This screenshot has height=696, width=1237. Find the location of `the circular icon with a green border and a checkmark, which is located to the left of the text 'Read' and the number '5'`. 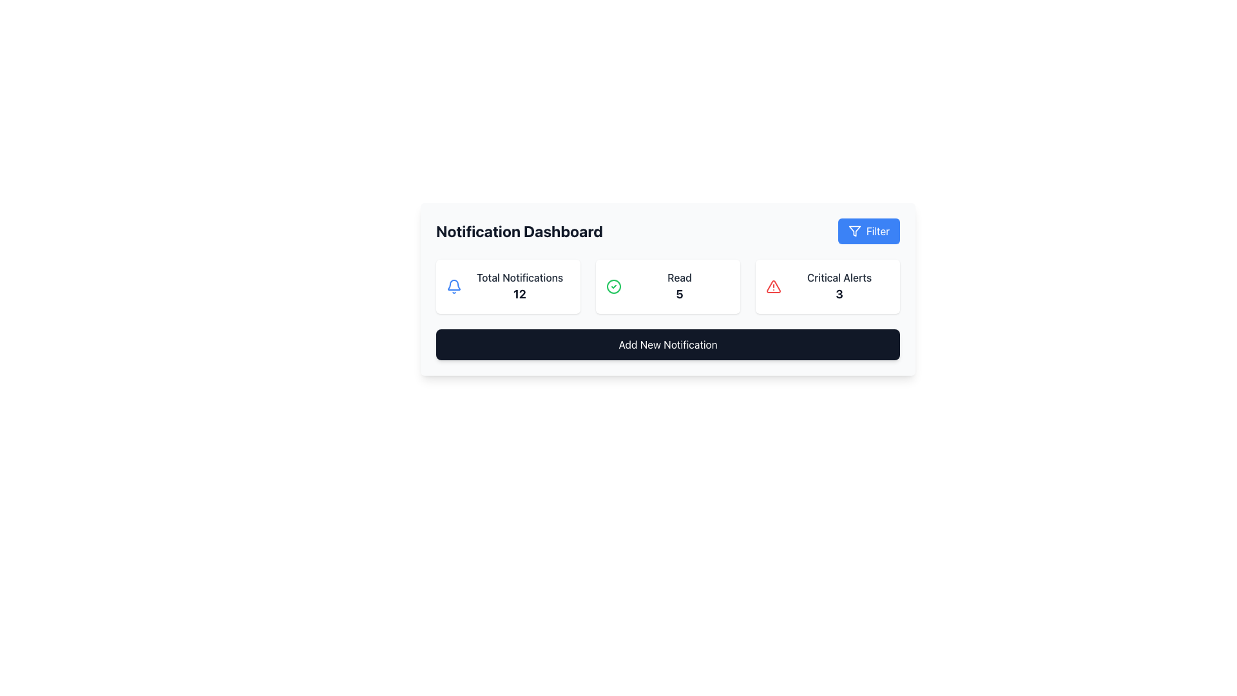

the circular icon with a green border and a checkmark, which is located to the left of the text 'Read' and the number '5' is located at coordinates (613, 285).